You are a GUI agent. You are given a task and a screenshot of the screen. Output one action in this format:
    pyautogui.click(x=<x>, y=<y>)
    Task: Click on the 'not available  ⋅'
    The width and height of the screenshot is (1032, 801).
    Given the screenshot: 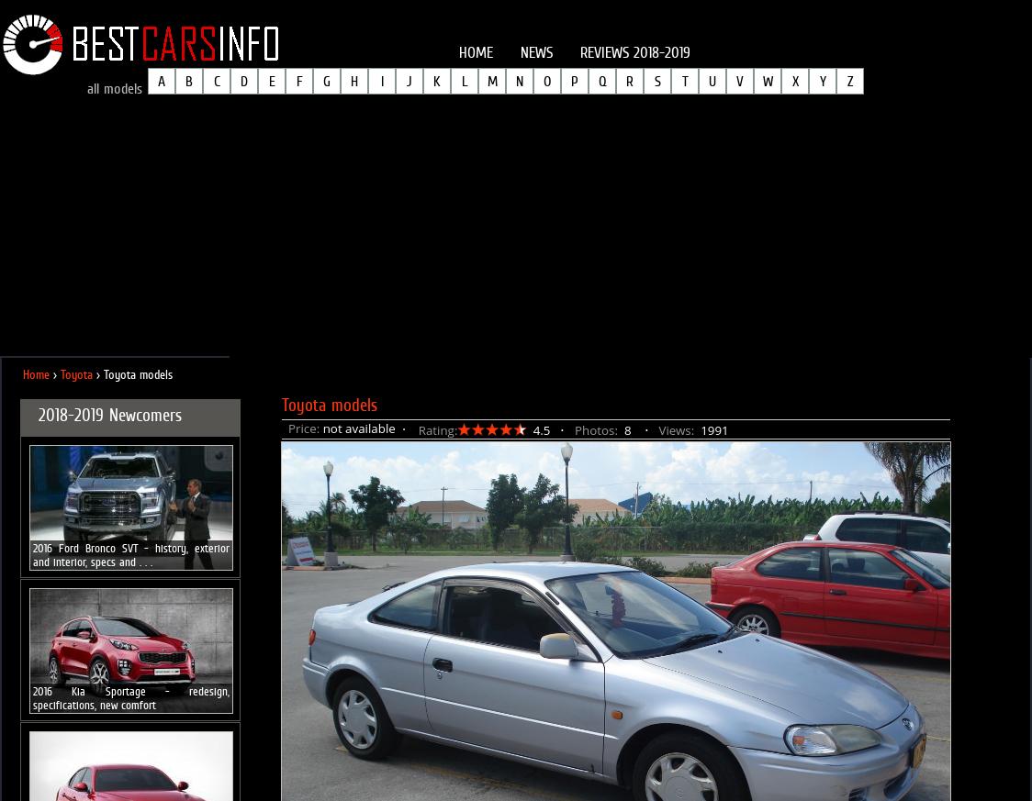 What is the action you would take?
    pyautogui.click(x=362, y=428)
    